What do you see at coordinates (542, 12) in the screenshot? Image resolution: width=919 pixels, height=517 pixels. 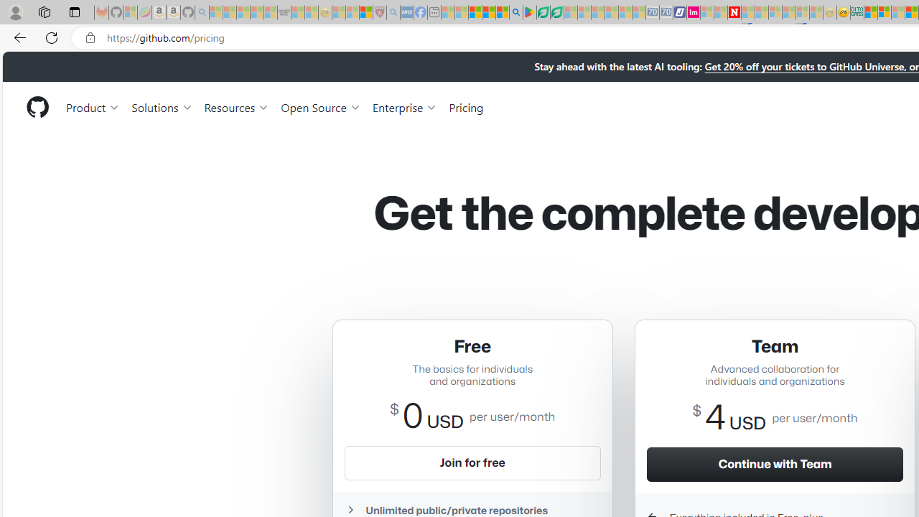 I see `'Terms of Use Agreement'` at bounding box center [542, 12].